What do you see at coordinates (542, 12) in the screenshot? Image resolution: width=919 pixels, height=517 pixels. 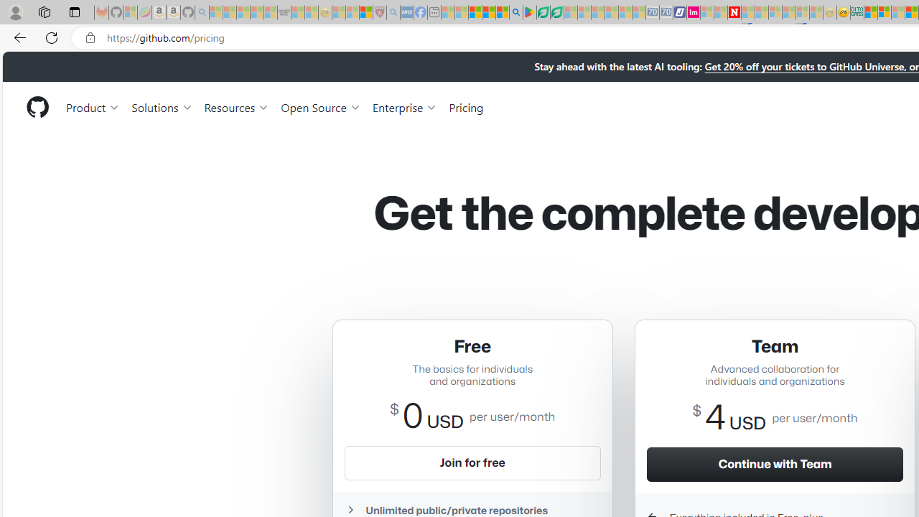 I see `'Terms of Use Agreement'` at bounding box center [542, 12].